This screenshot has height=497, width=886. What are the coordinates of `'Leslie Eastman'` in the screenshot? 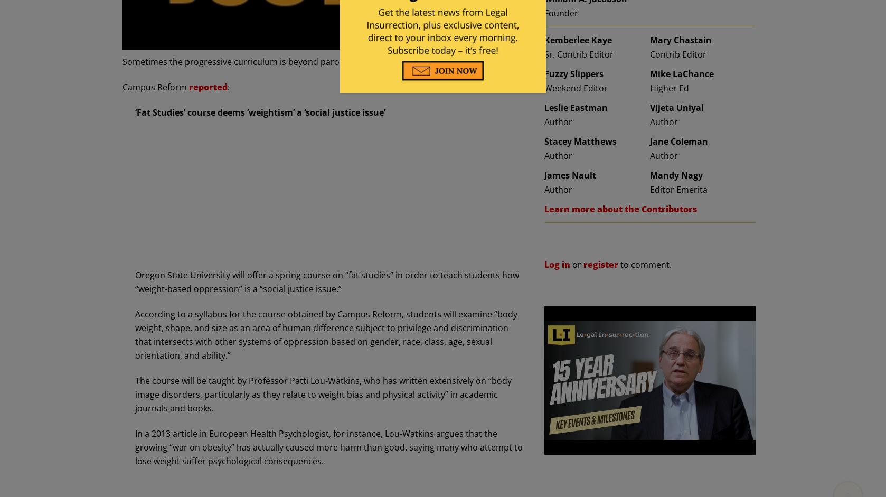 It's located at (576, 108).